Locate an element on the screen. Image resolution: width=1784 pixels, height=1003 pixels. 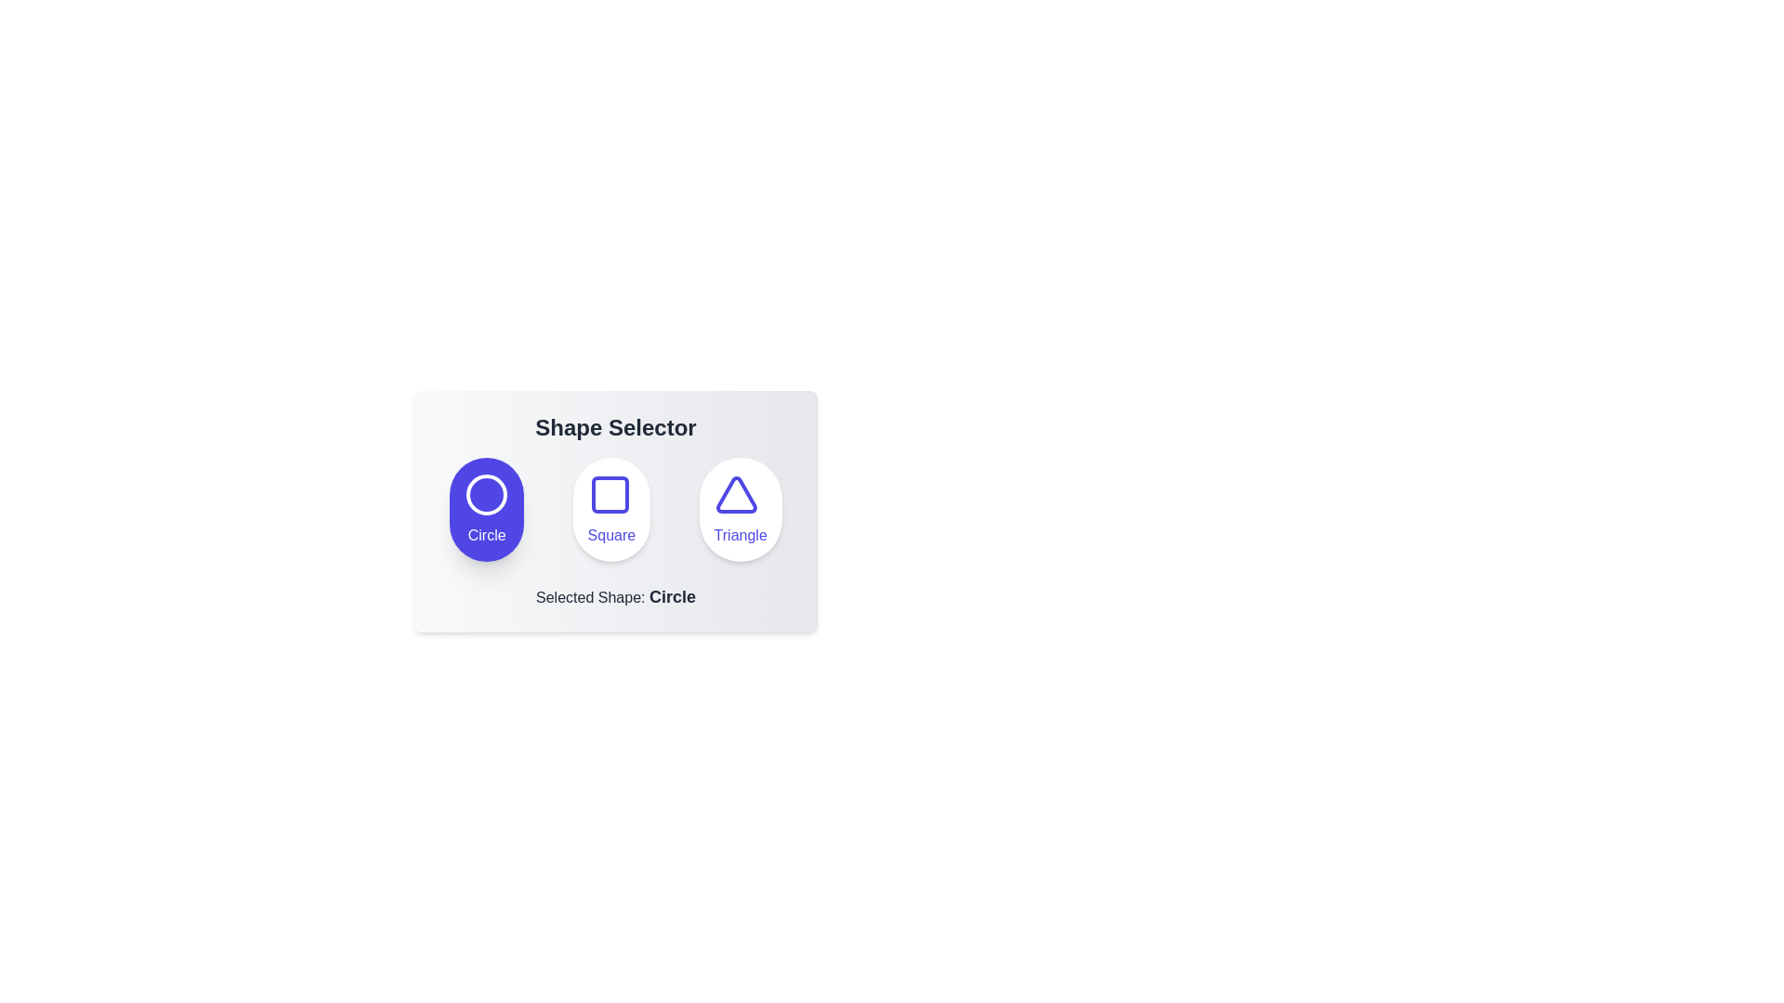
the Circle button to select it is located at coordinates (487, 509).